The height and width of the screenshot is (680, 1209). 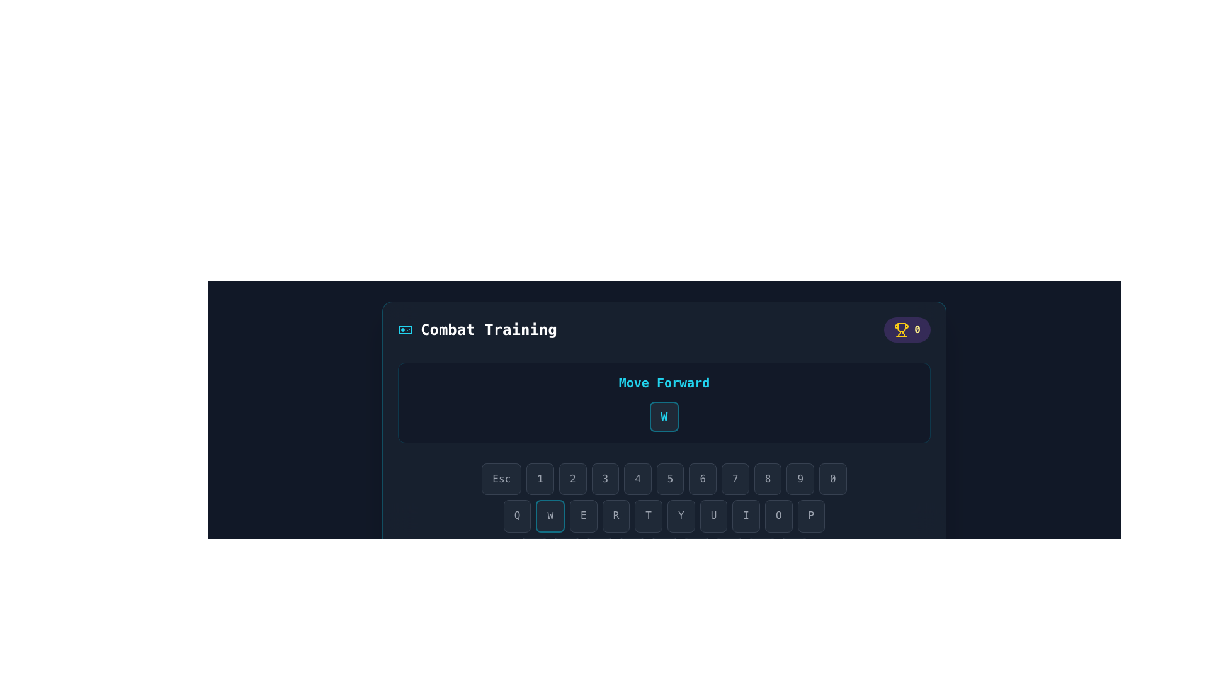 What do you see at coordinates (540, 479) in the screenshot?
I see `the rectangular button with a dark gray background and a white numeral '1' at its center, which is the second button in a horizontal row of keys` at bounding box center [540, 479].